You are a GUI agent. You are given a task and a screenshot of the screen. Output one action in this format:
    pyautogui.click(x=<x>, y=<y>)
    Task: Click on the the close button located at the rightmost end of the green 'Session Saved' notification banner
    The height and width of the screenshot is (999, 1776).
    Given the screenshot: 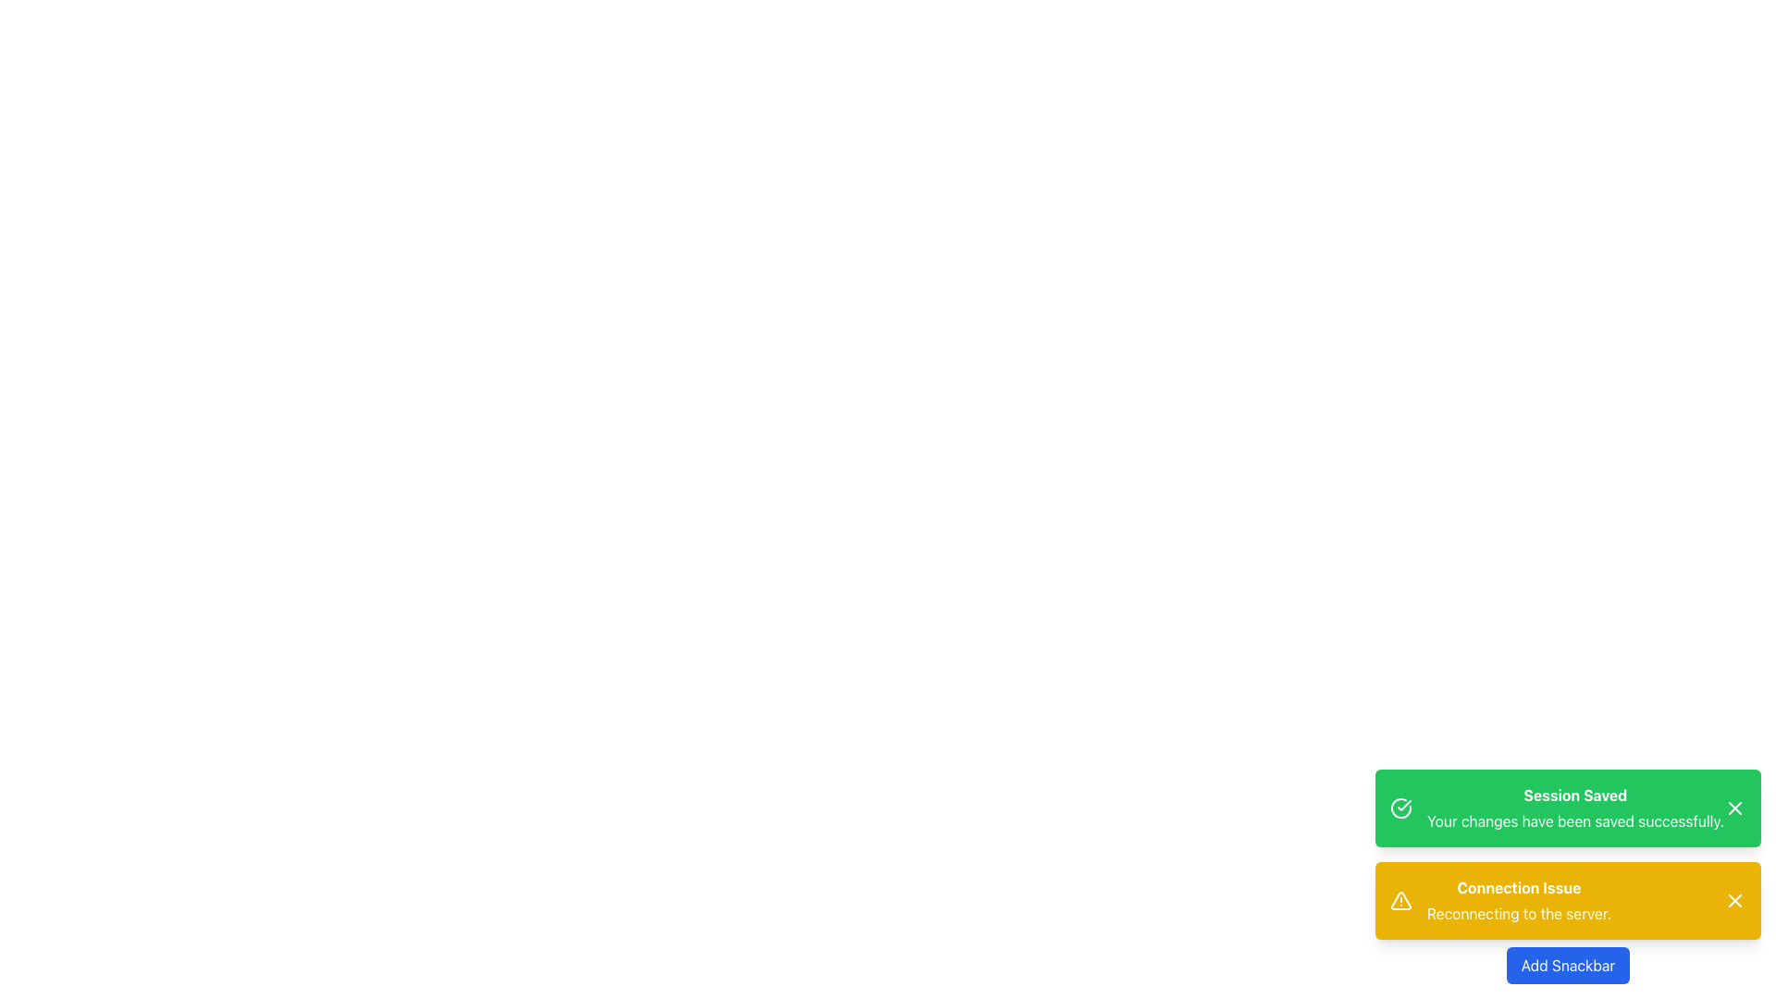 What is the action you would take?
    pyautogui.click(x=1734, y=808)
    